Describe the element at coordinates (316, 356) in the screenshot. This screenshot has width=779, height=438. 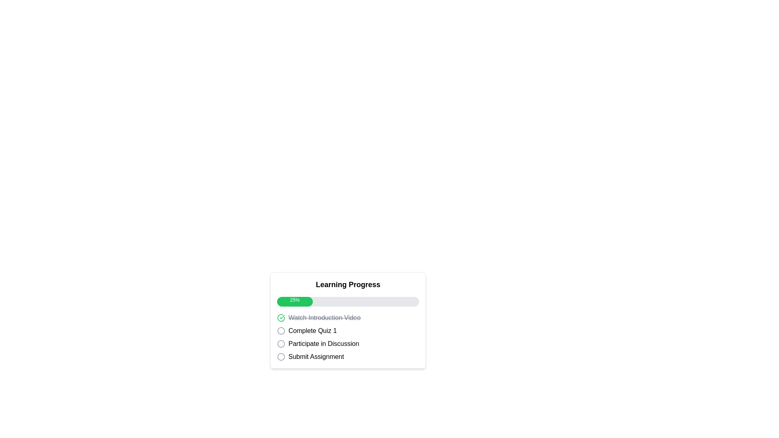
I see `the 'Submit Assignment' text label, which is the fourth item in the vertical list below 'Participate in Discussion' and is paired with a circular checkbox icon` at that location.